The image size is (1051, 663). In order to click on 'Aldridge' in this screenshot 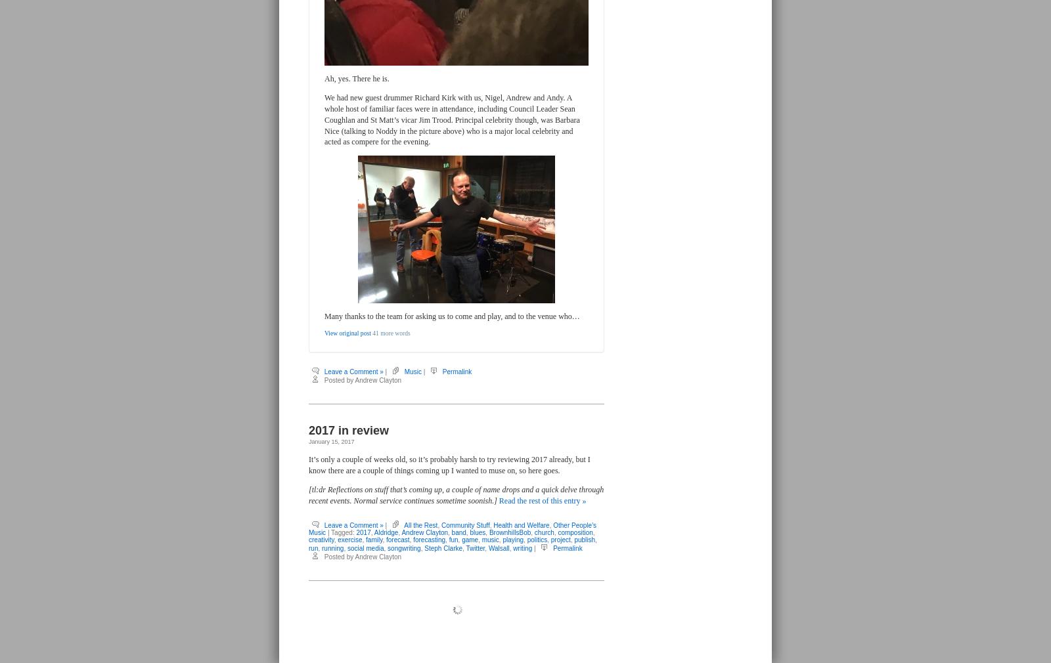, I will do `click(385, 532)`.